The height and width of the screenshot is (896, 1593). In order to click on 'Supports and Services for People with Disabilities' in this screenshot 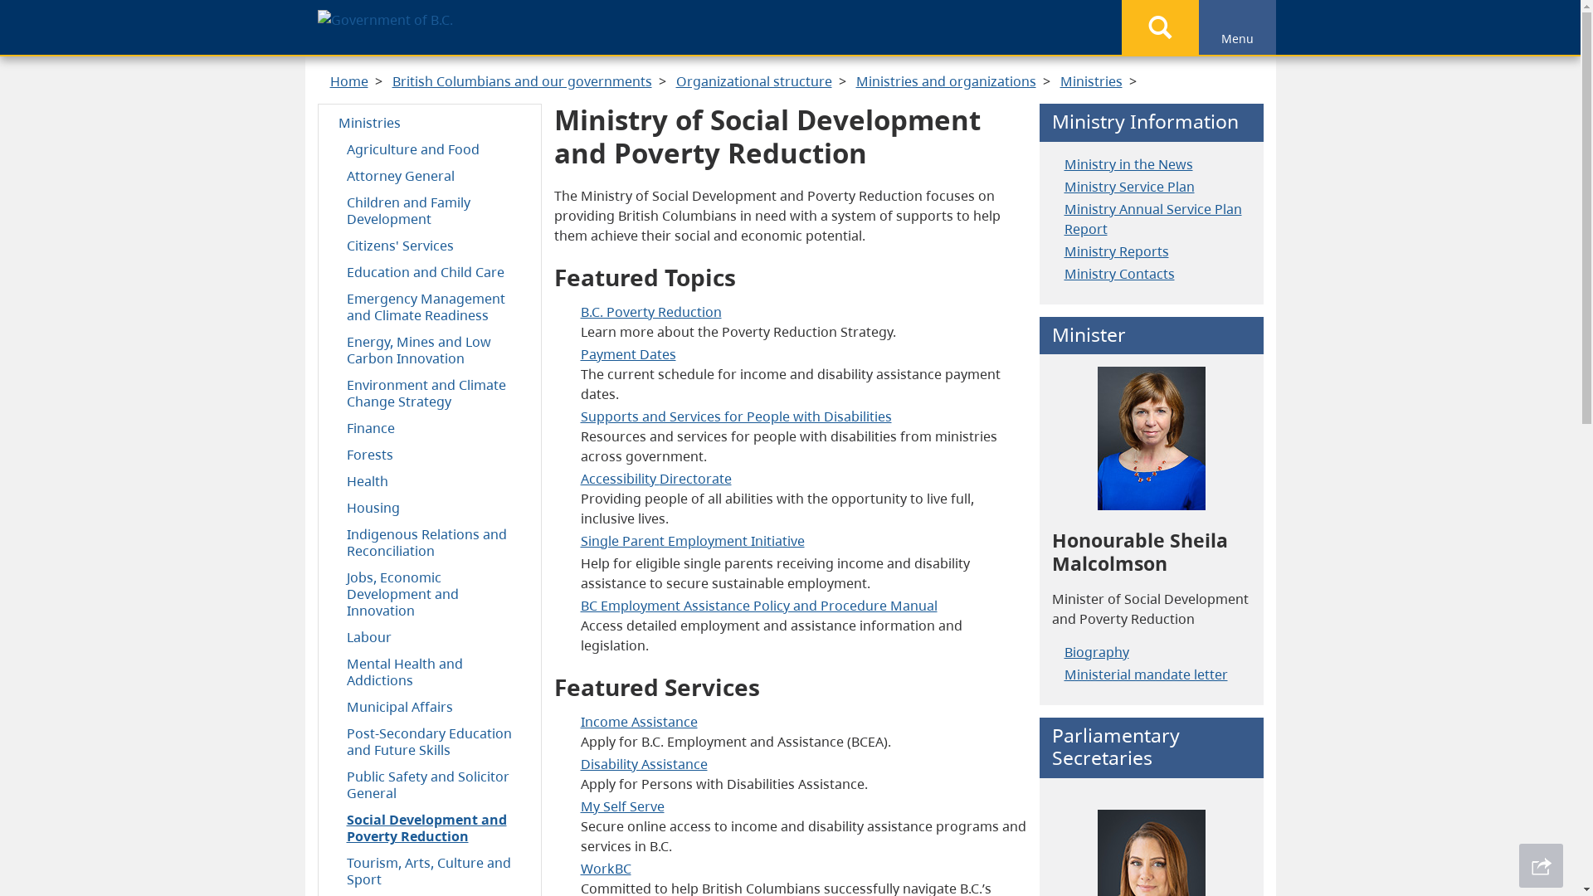, I will do `click(735, 415)`.